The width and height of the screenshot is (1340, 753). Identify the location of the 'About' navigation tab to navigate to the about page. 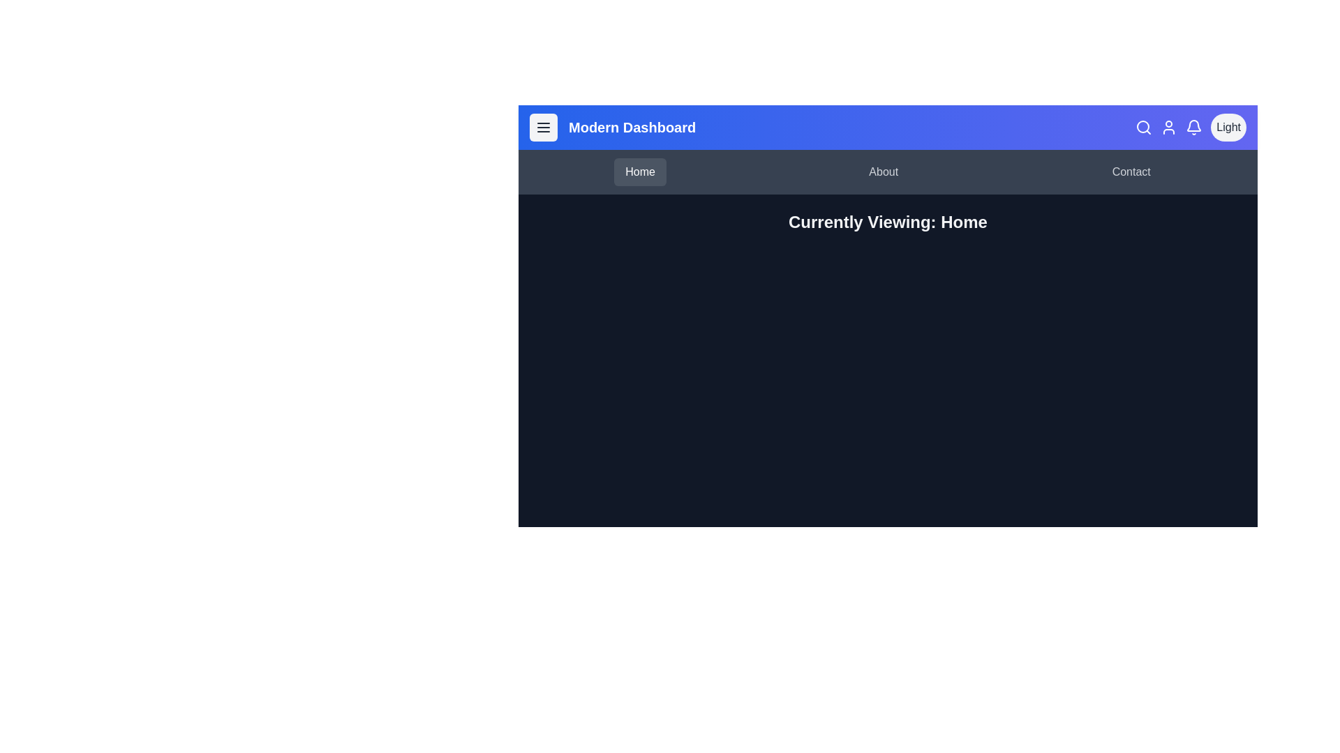
(883, 171).